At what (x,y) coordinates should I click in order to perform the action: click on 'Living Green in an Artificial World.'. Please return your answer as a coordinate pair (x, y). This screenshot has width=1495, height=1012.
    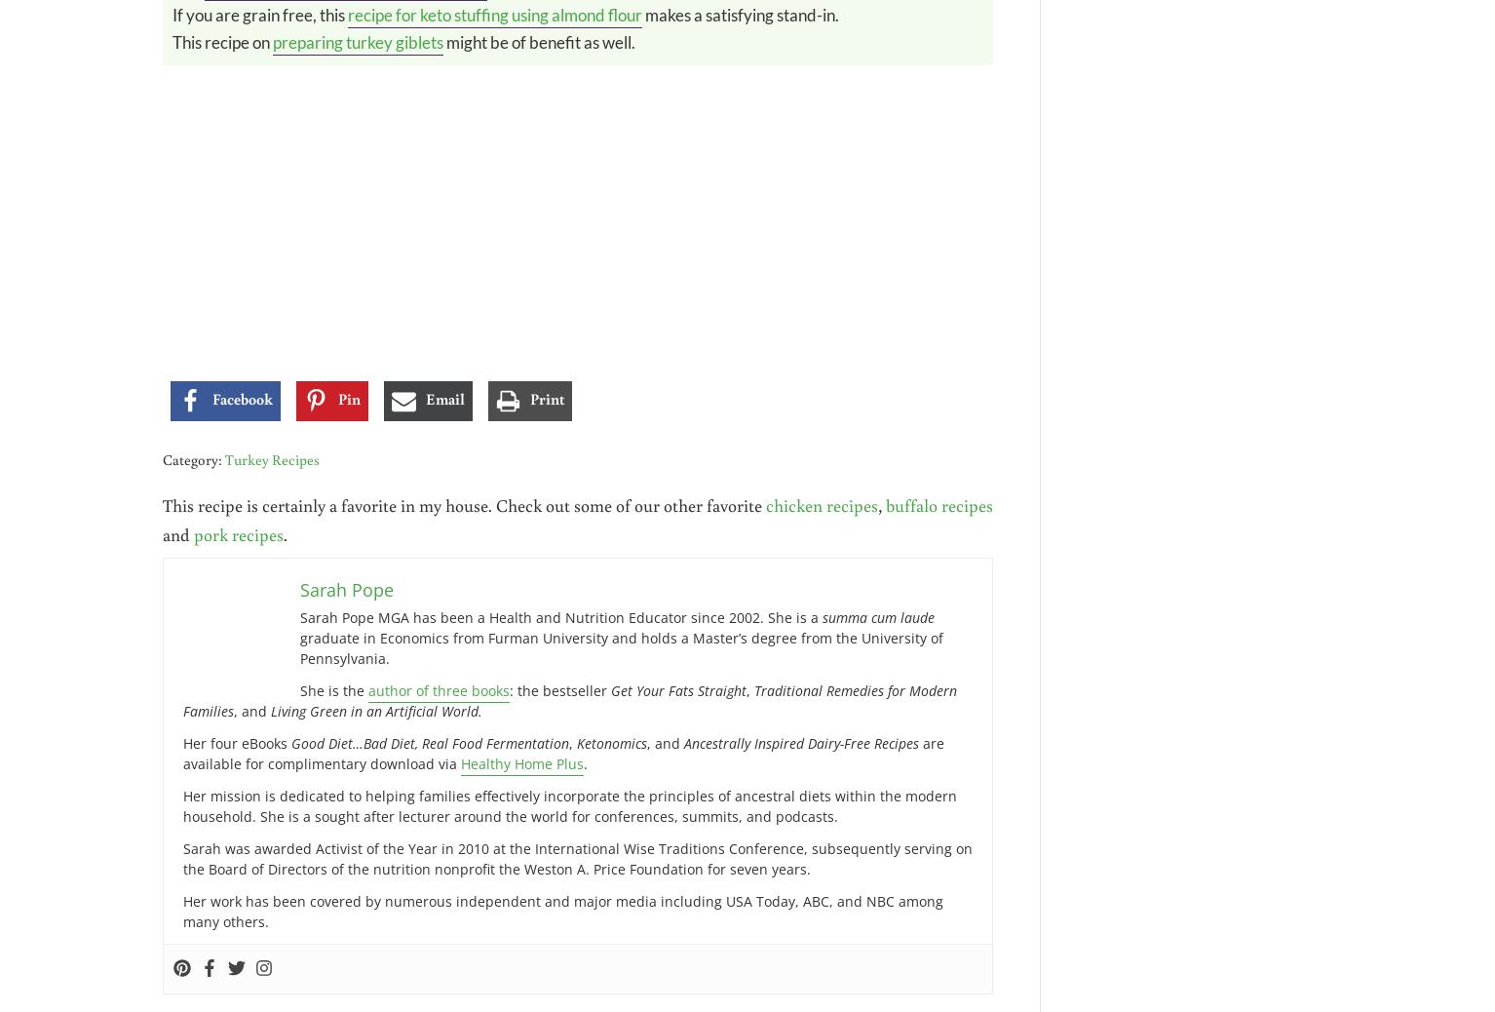
    Looking at the image, I should click on (270, 709).